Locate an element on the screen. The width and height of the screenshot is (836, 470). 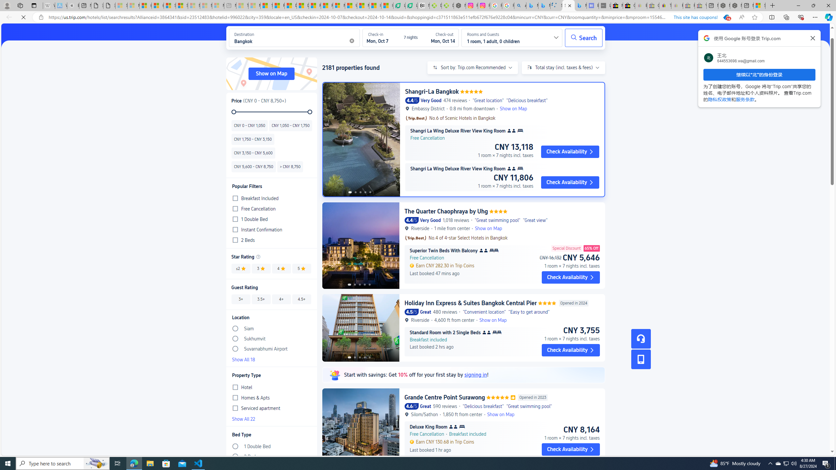
'Press Room - eBay Inc. - Sleeping' is located at coordinates (688, 5).